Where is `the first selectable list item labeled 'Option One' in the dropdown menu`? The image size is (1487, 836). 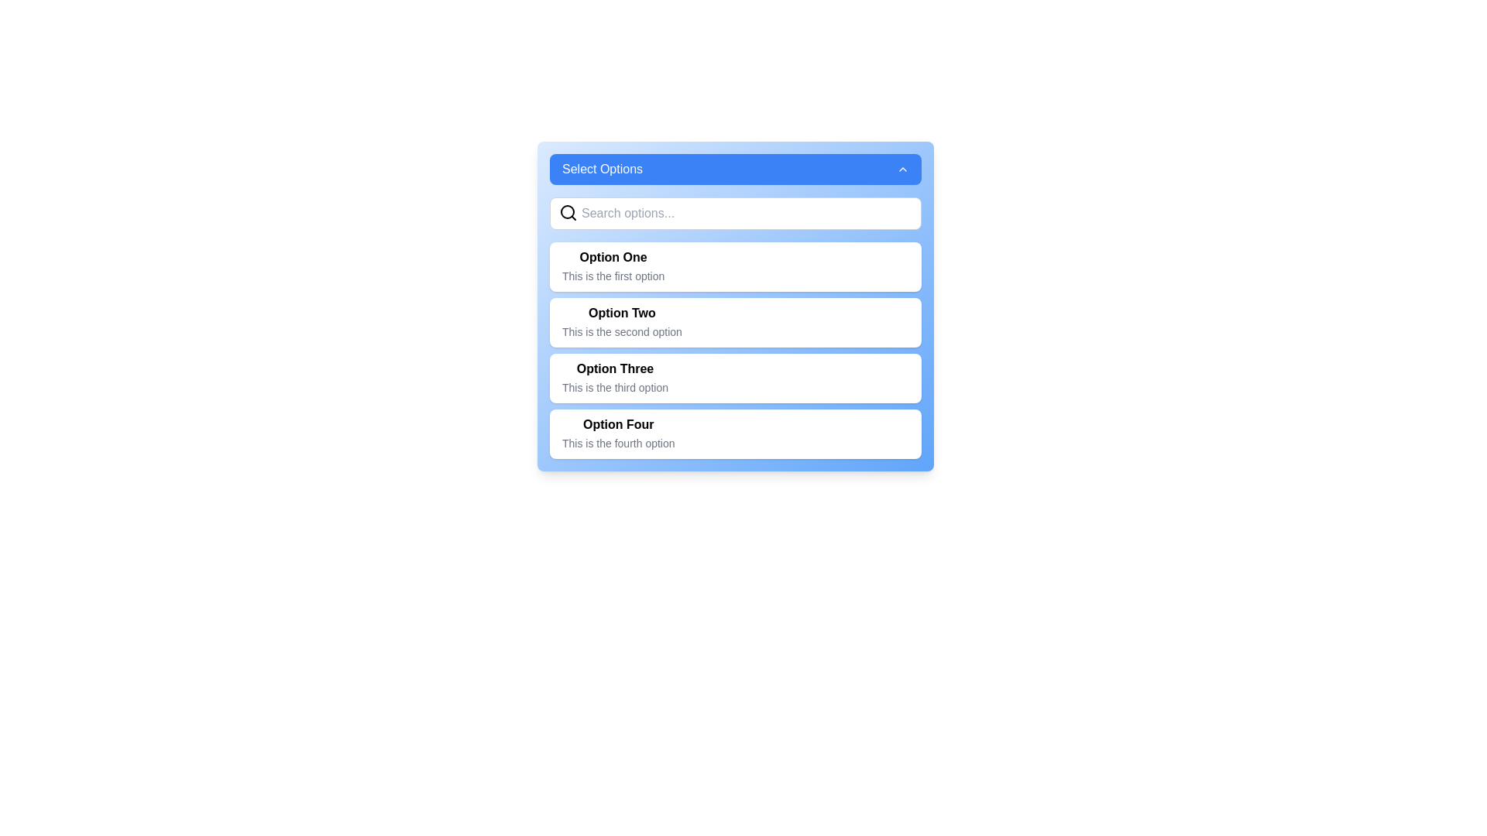 the first selectable list item labeled 'Option One' in the dropdown menu is located at coordinates (613, 266).